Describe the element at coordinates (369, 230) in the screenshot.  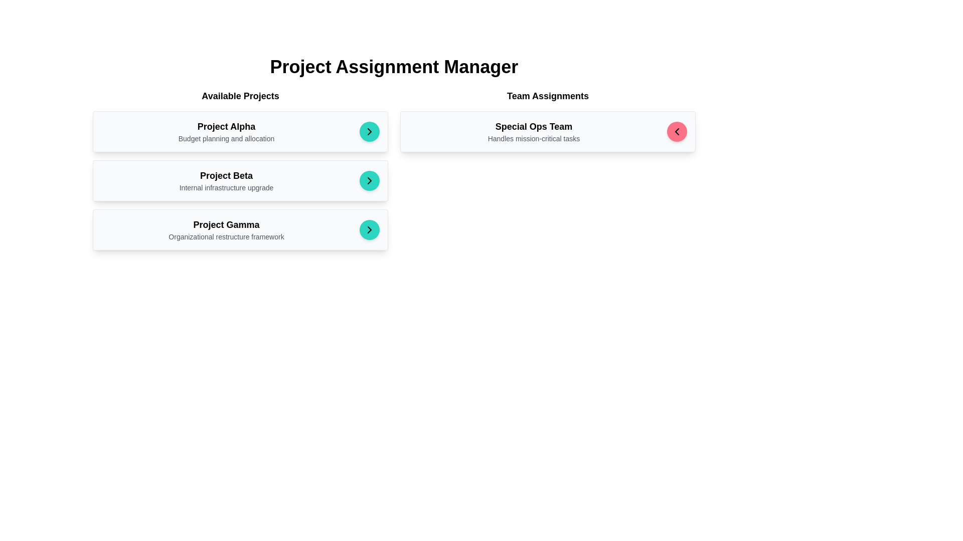
I see `the rightward-pointing chevron icon with a teal background, which is the third navigation button in a vertical list next to 'Project Gamma'` at that location.